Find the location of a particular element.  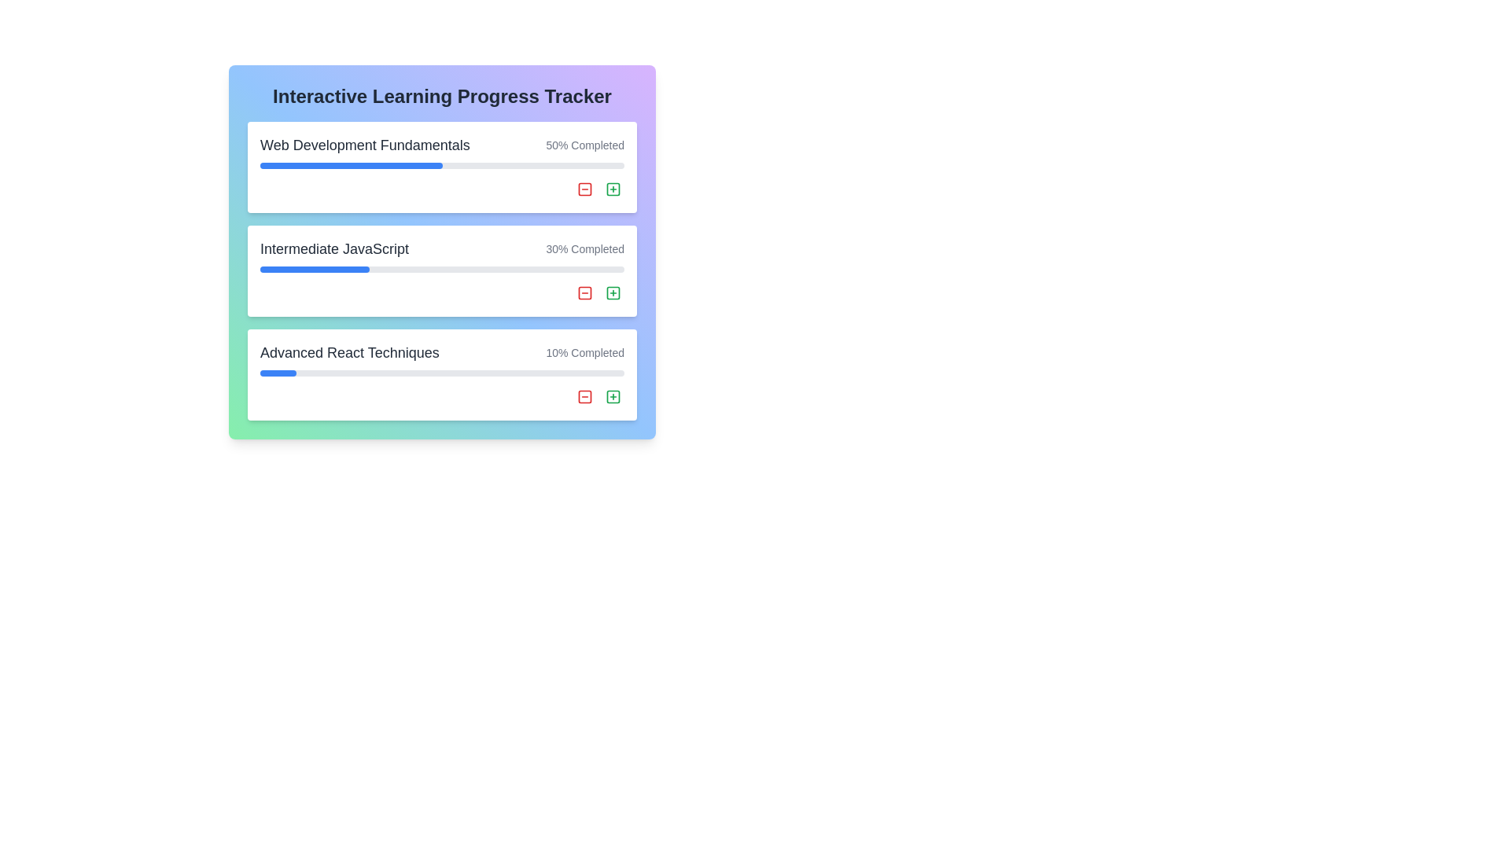

the 'add new item' button represented by a 'plus' shape icon located to the right of the 'Advanced React Techniques' card in the educational progress tracker UI is located at coordinates (612, 293).